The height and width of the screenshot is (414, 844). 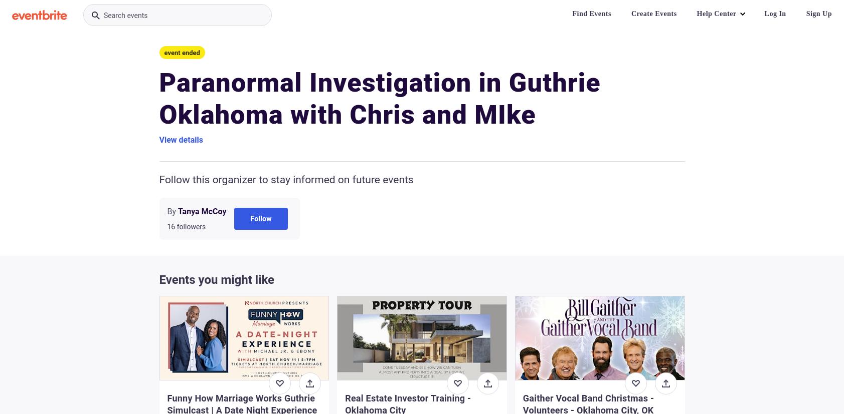 I want to click on '16', so click(x=171, y=227).